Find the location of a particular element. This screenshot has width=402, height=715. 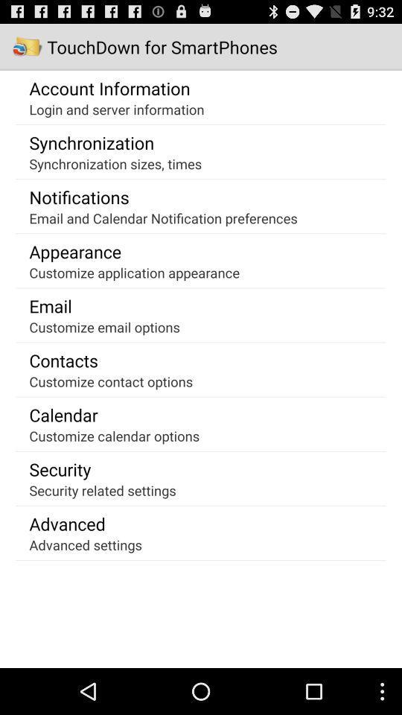

the icon above synchronization icon is located at coordinates (115, 108).